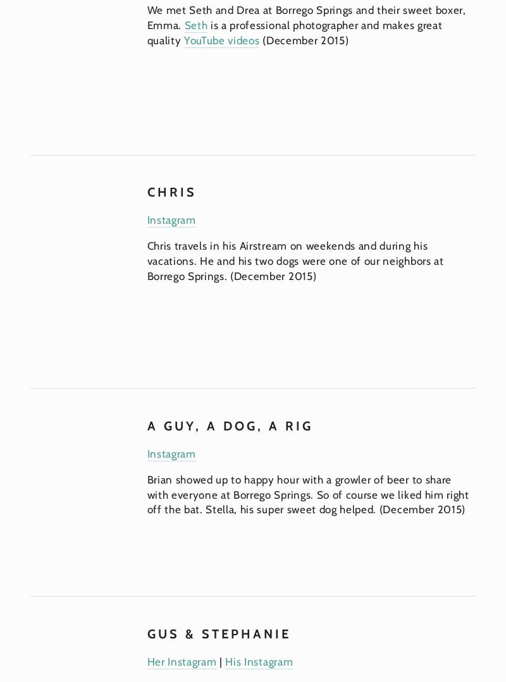 This screenshot has width=506, height=682. What do you see at coordinates (146, 260) in the screenshot?
I see `'Chris travels in his Airstream on weekends and during his vacations. He and his two dogs were one of our neighbors at Borrego Springs. (December 2015)'` at bounding box center [146, 260].